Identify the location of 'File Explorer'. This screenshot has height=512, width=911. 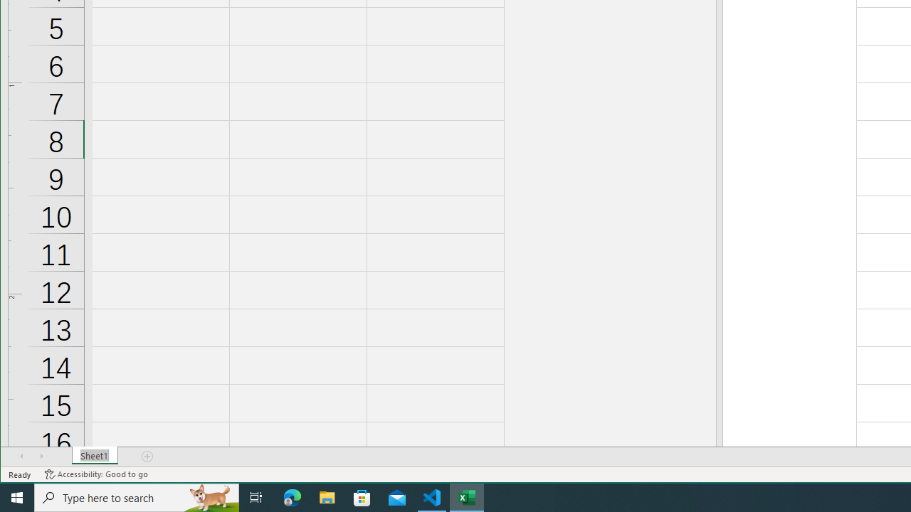
(327, 496).